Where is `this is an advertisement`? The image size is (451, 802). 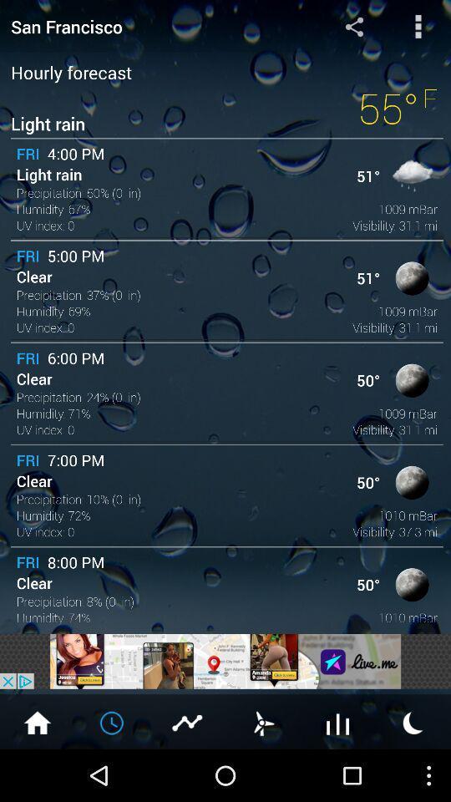
this is an advertisement is located at coordinates (225, 661).